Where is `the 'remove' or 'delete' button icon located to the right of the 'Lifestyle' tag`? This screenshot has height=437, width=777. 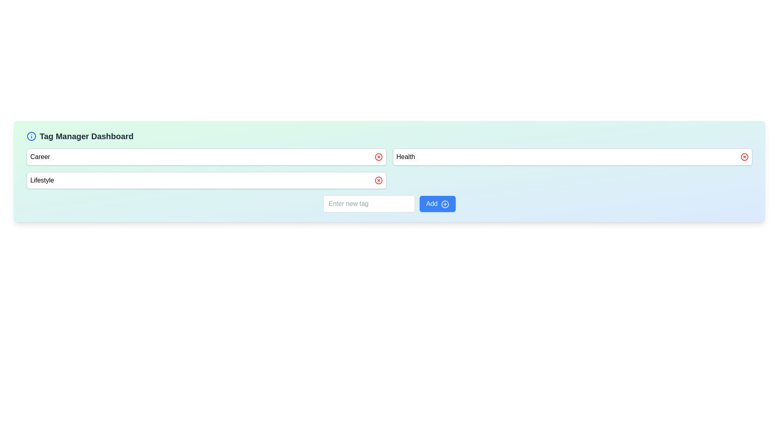
the 'remove' or 'delete' button icon located to the right of the 'Lifestyle' tag is located at coordinates (378, 180).